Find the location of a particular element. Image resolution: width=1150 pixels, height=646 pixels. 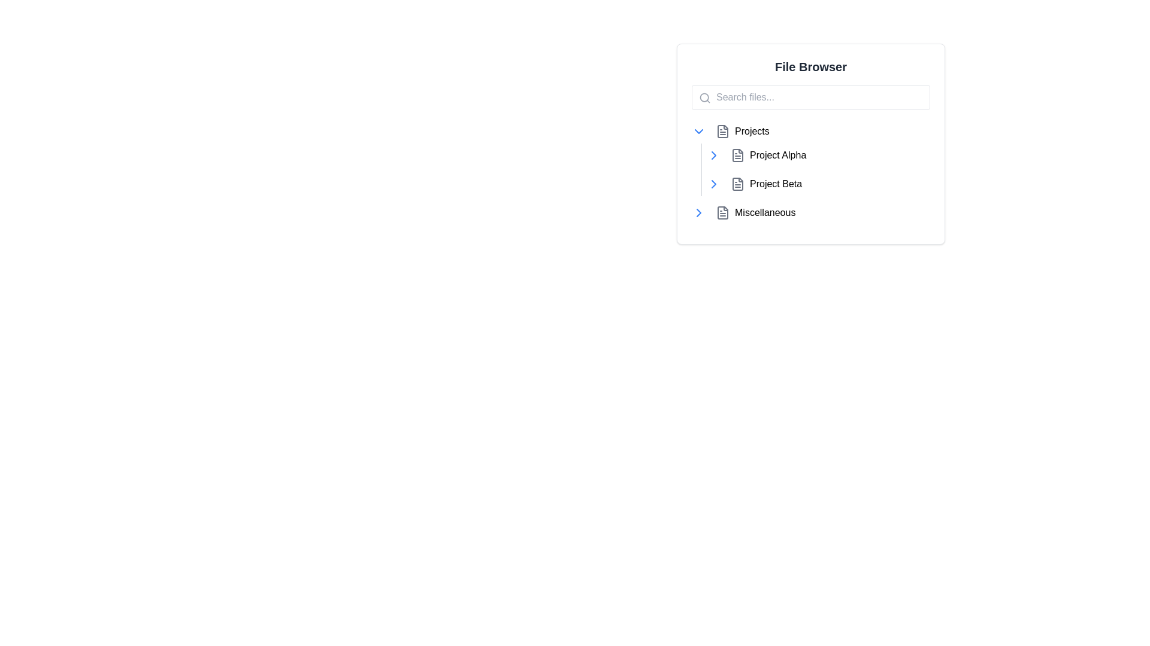

the expansion arrow of the 'Miscellaneous' folder item in the hierarchical file browser is located at coordinates (810, 212).